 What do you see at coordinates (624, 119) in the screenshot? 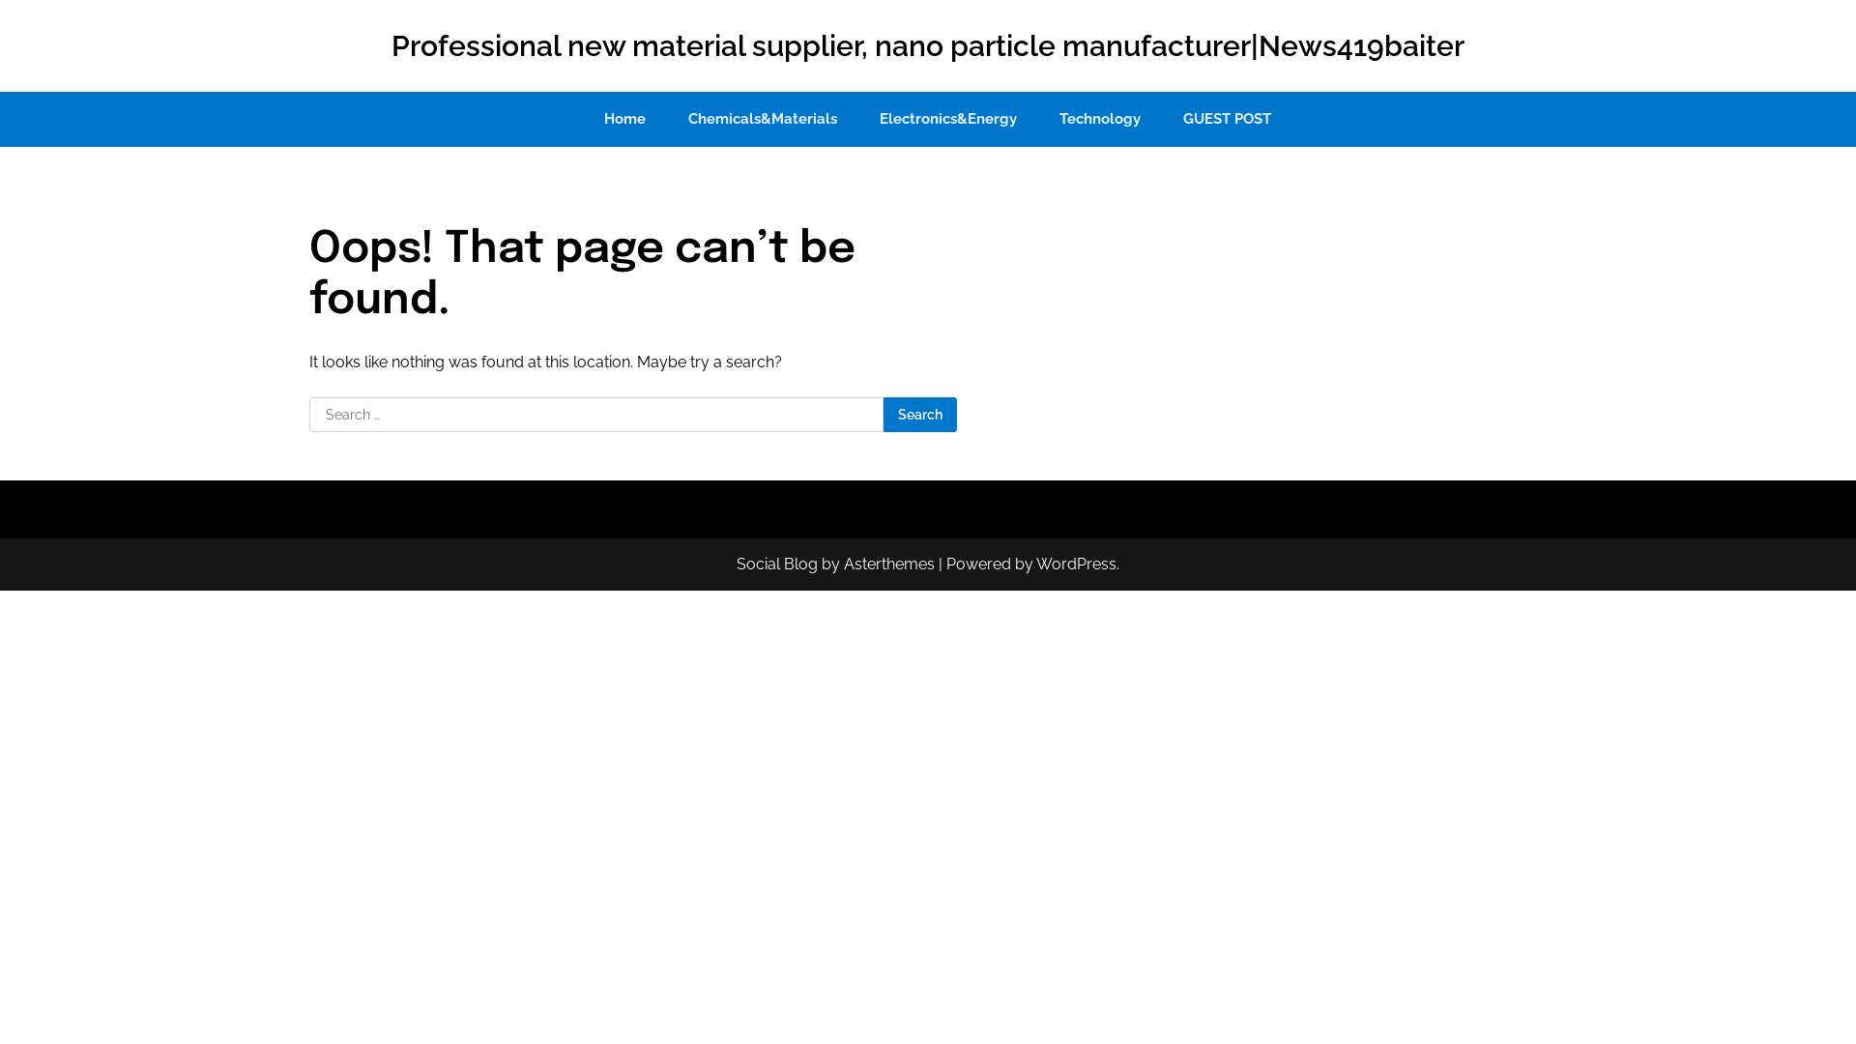
I see `'Home'` at bounding box center [624, 119].